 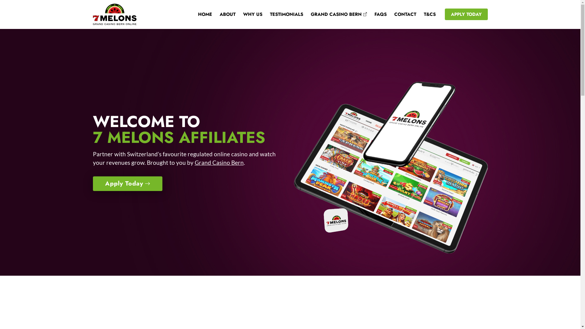 I want to click on 'APPLY TODAY', so click(x=466, y=14).